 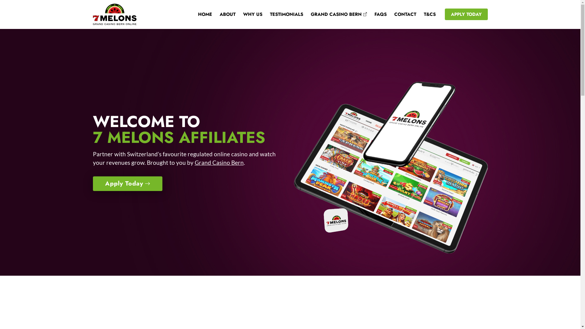 I want to click on 'APPLY TODAY', so click(x=466, y=14).